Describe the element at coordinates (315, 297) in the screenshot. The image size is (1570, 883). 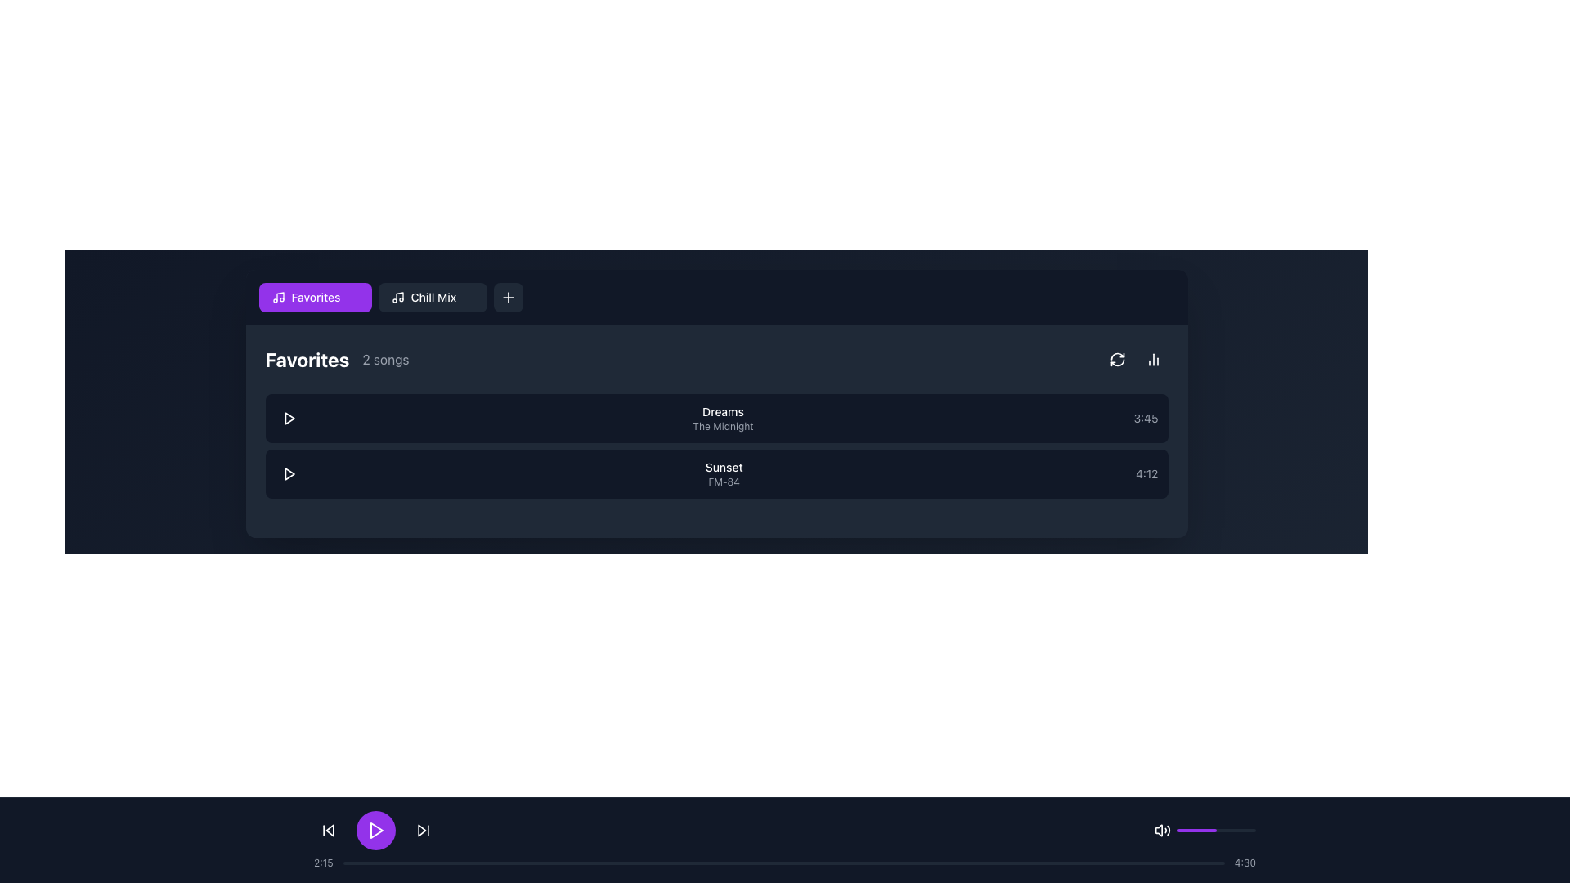
I see `the 'Favorites' button, which is the first button in a horizontal list at the top of a card-like section` at that location.